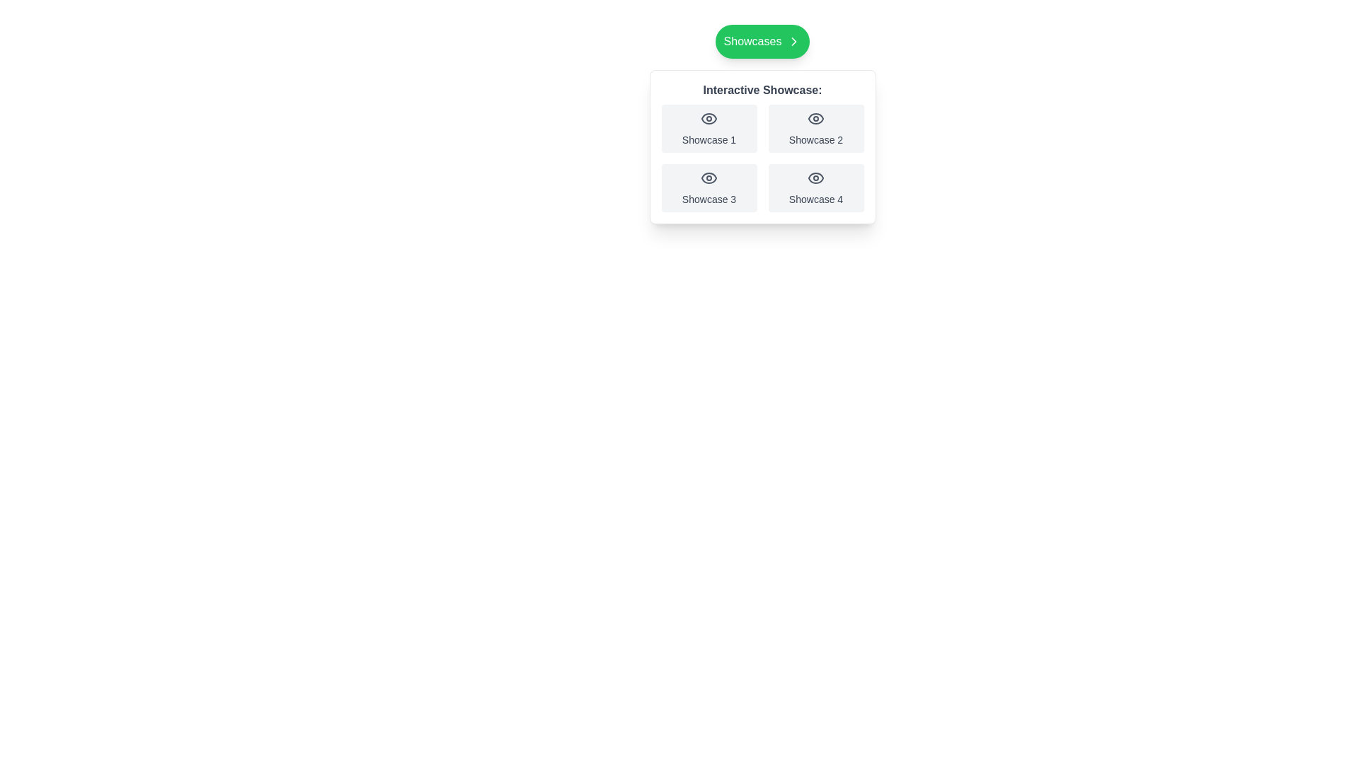 The image size is (1359, 764). Describe the element at coordinates (815, 199) in the screenshot. I see `the Text Label located in the bottom-right corner of the grid within the 'Interactive Showcase' section, which serves as a label for the associated showcase` at that location.